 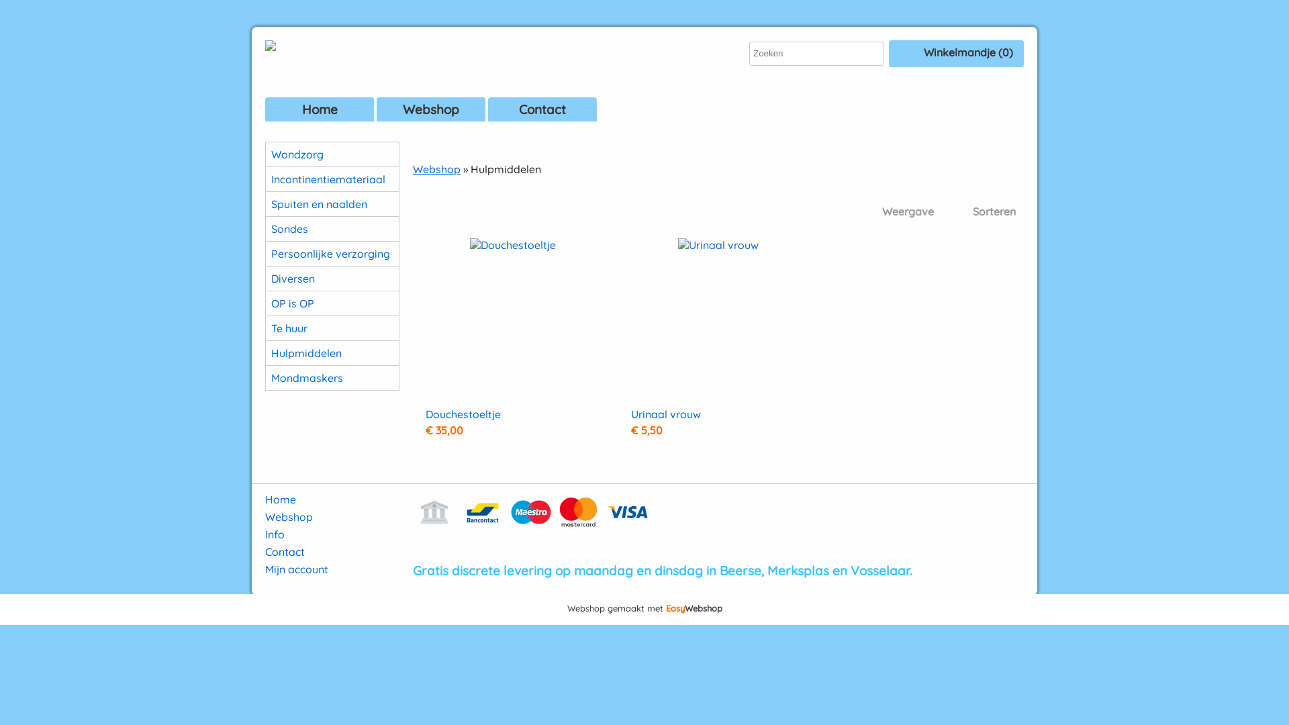 What do you see at coordinates (274, 533) in the screenshot?
I see `'Info'` at bounding box center [274, 533].